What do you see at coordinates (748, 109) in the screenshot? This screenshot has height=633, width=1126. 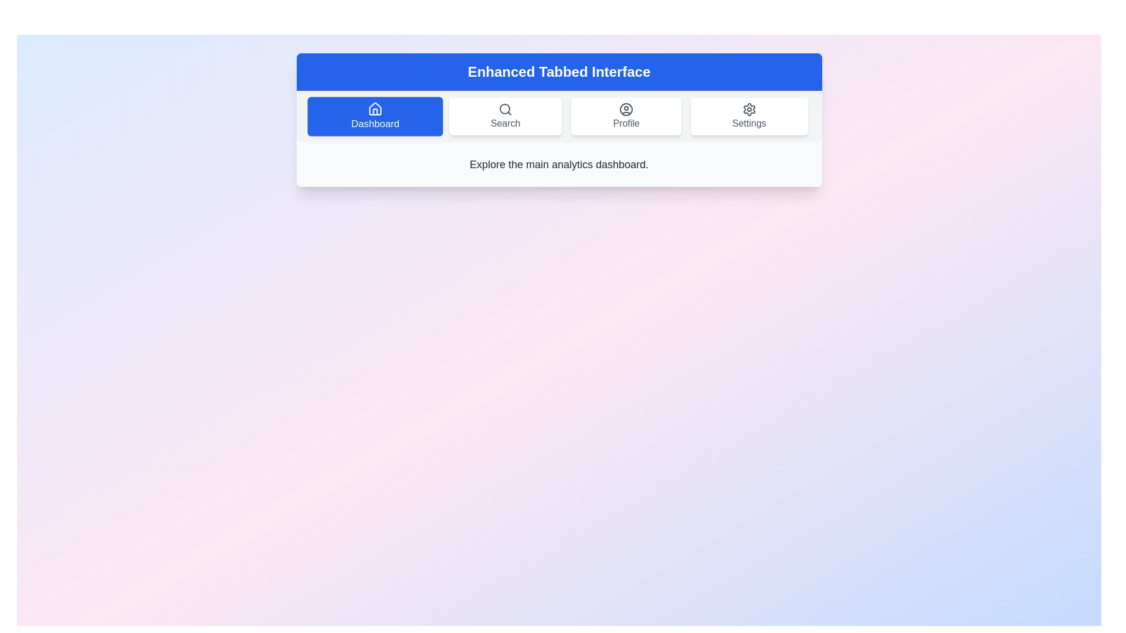 I see `the 'Settings' icon located in the navigation bar, which serves as a visual indicator for the 'Settings' menu` at bounding box center [748, 109].